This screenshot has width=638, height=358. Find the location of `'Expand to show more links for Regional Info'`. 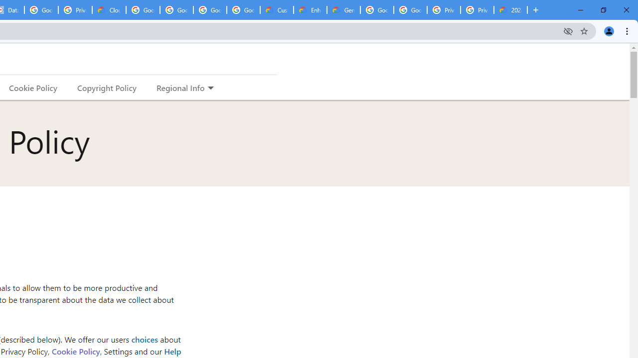

'Expand to show more links for Regional Info' is located at coordinates (210, 88).